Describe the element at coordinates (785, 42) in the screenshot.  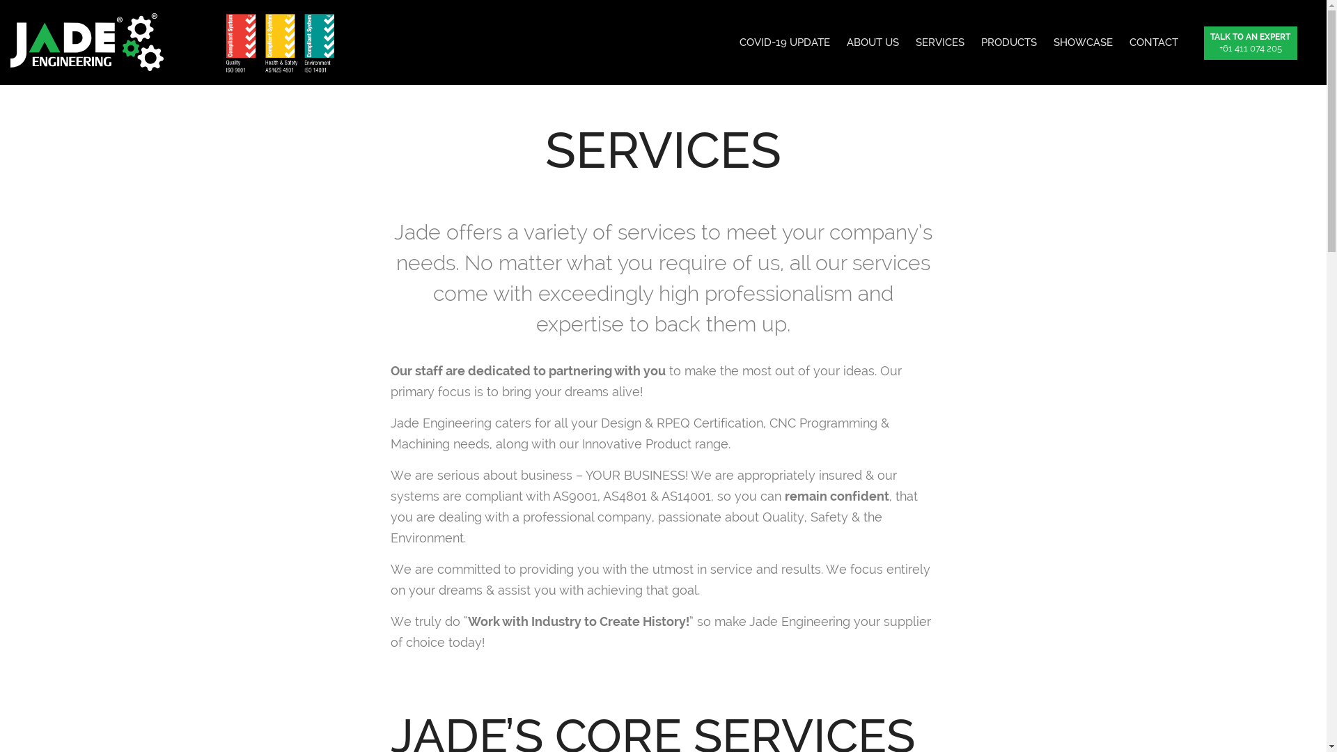
I see `'COVID-19 UPDATE'` at that location.